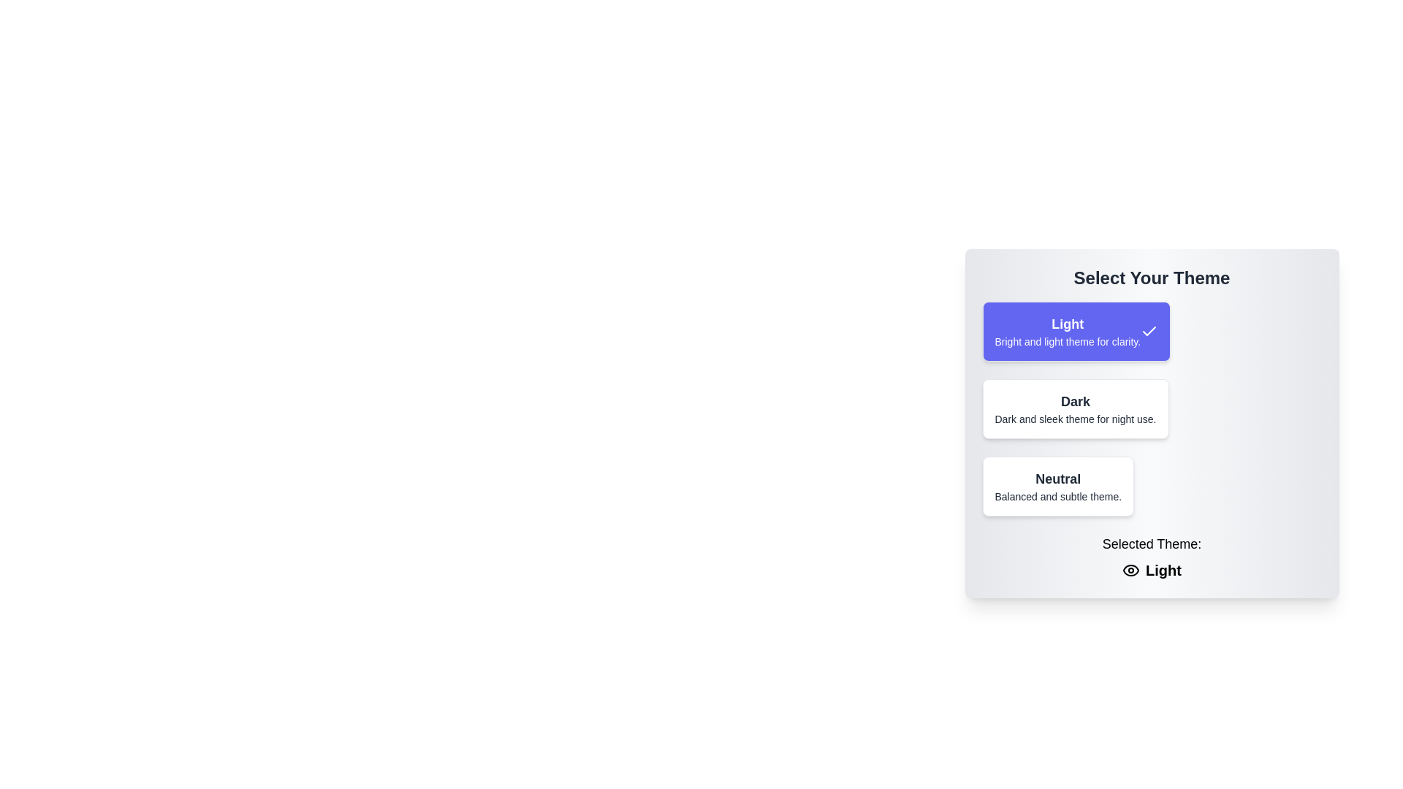 The height and width of the screenshot is (789, 1403). Describe the element at coordinates (1076, 408) in the screenshot. I see `the selectable 'Dark' theme option text within the second card of the theme selection interface` at that location.